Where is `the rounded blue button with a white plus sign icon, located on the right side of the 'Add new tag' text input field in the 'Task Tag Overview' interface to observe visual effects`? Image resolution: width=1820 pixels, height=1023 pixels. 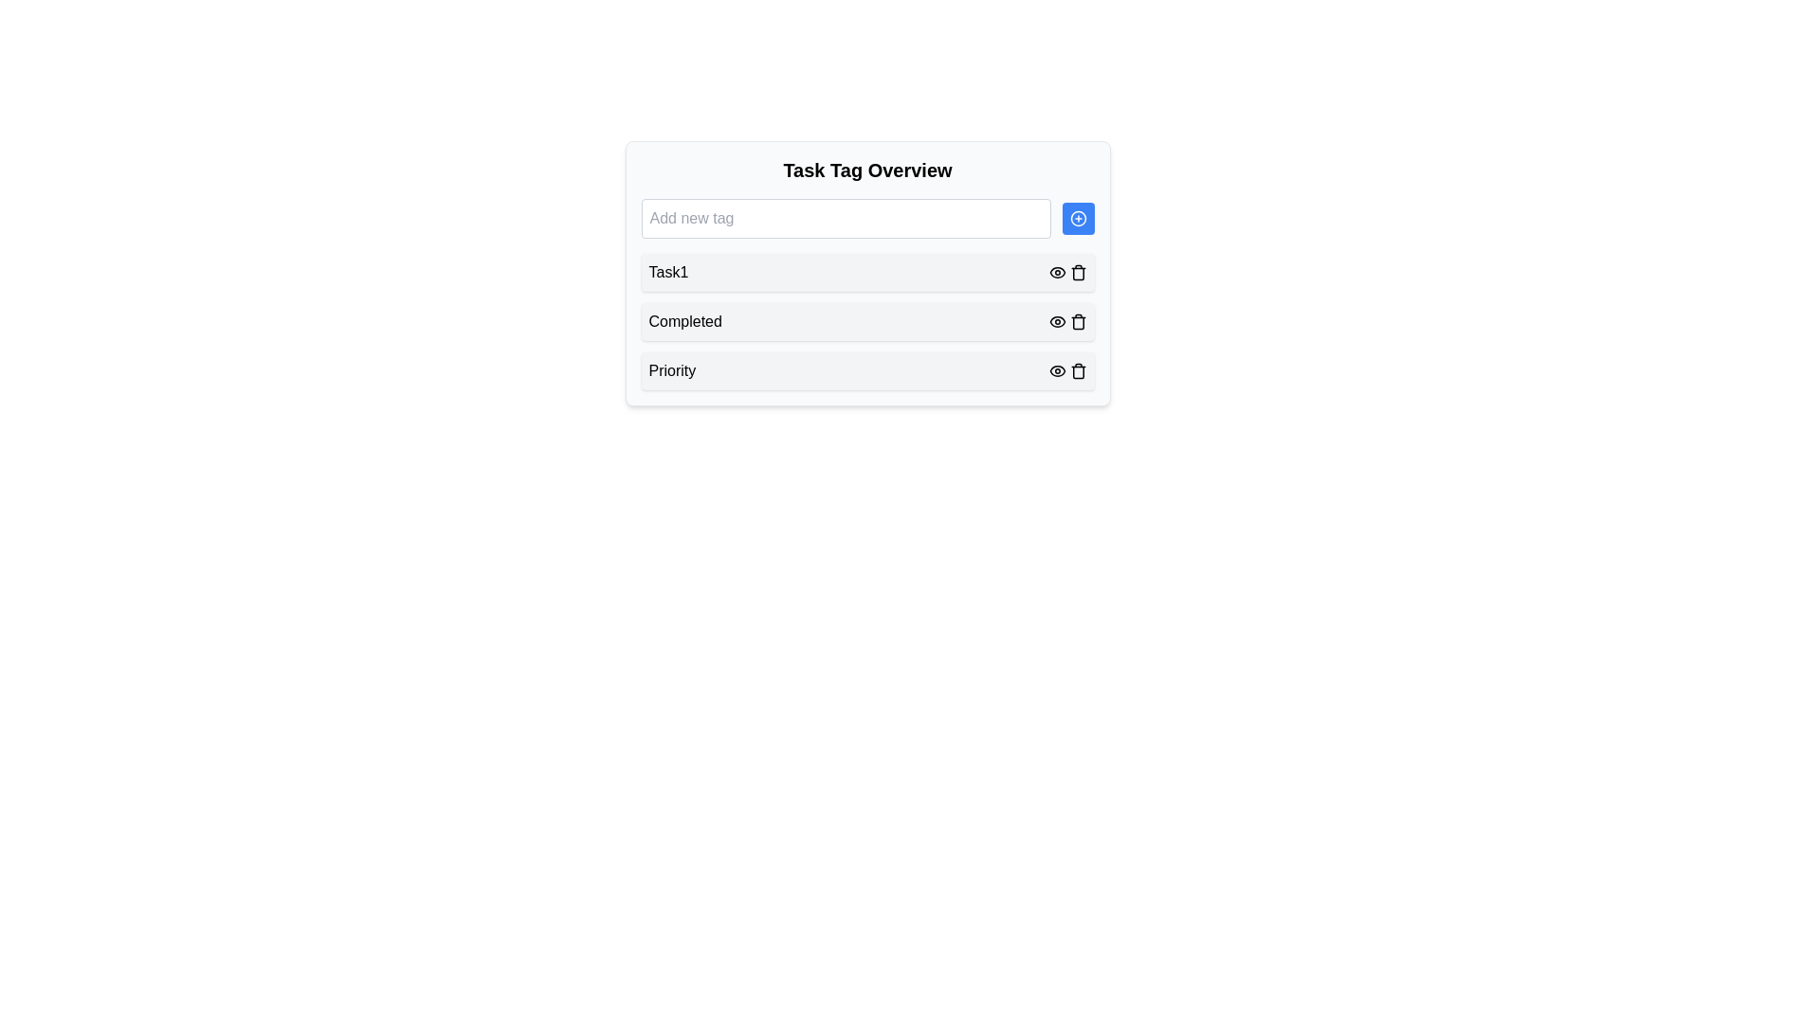 the rounded blue button with a white plus sign icon, located on the right side of the 'Add new tag' text input field in the 'Task Tag Overview' interface to observe visual effects is located at coordinates (1078, 218).